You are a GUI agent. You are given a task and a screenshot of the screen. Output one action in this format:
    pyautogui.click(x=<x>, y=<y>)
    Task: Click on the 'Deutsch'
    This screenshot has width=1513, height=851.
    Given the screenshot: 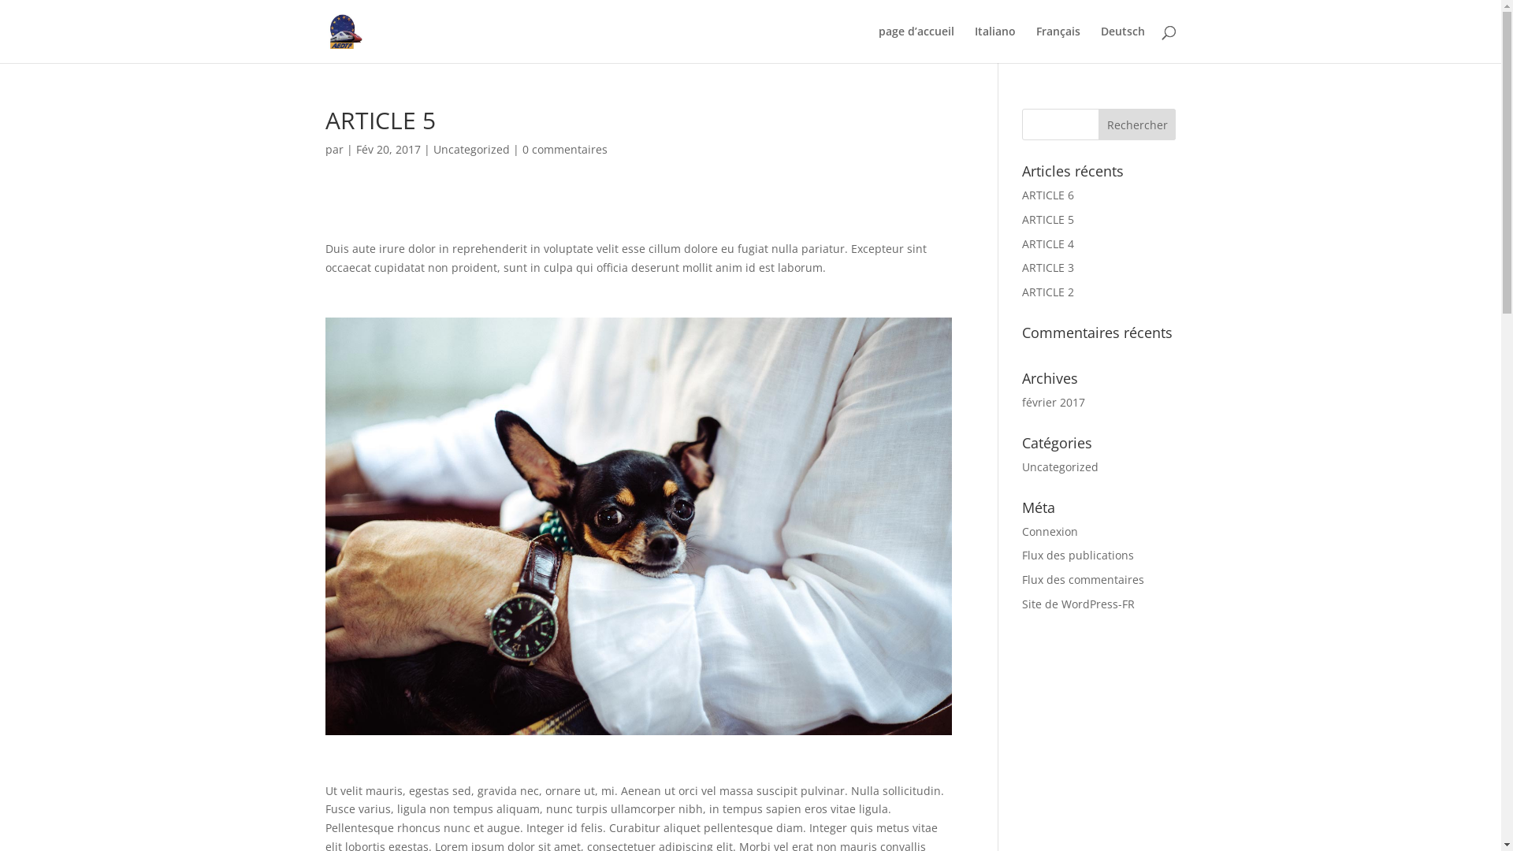 What is the action you would take?
    pyautogui.click(x=1121, y=43)
    